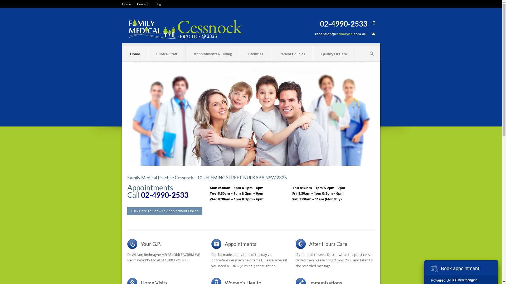  I want to click on 'Blog', so click(157, 4).